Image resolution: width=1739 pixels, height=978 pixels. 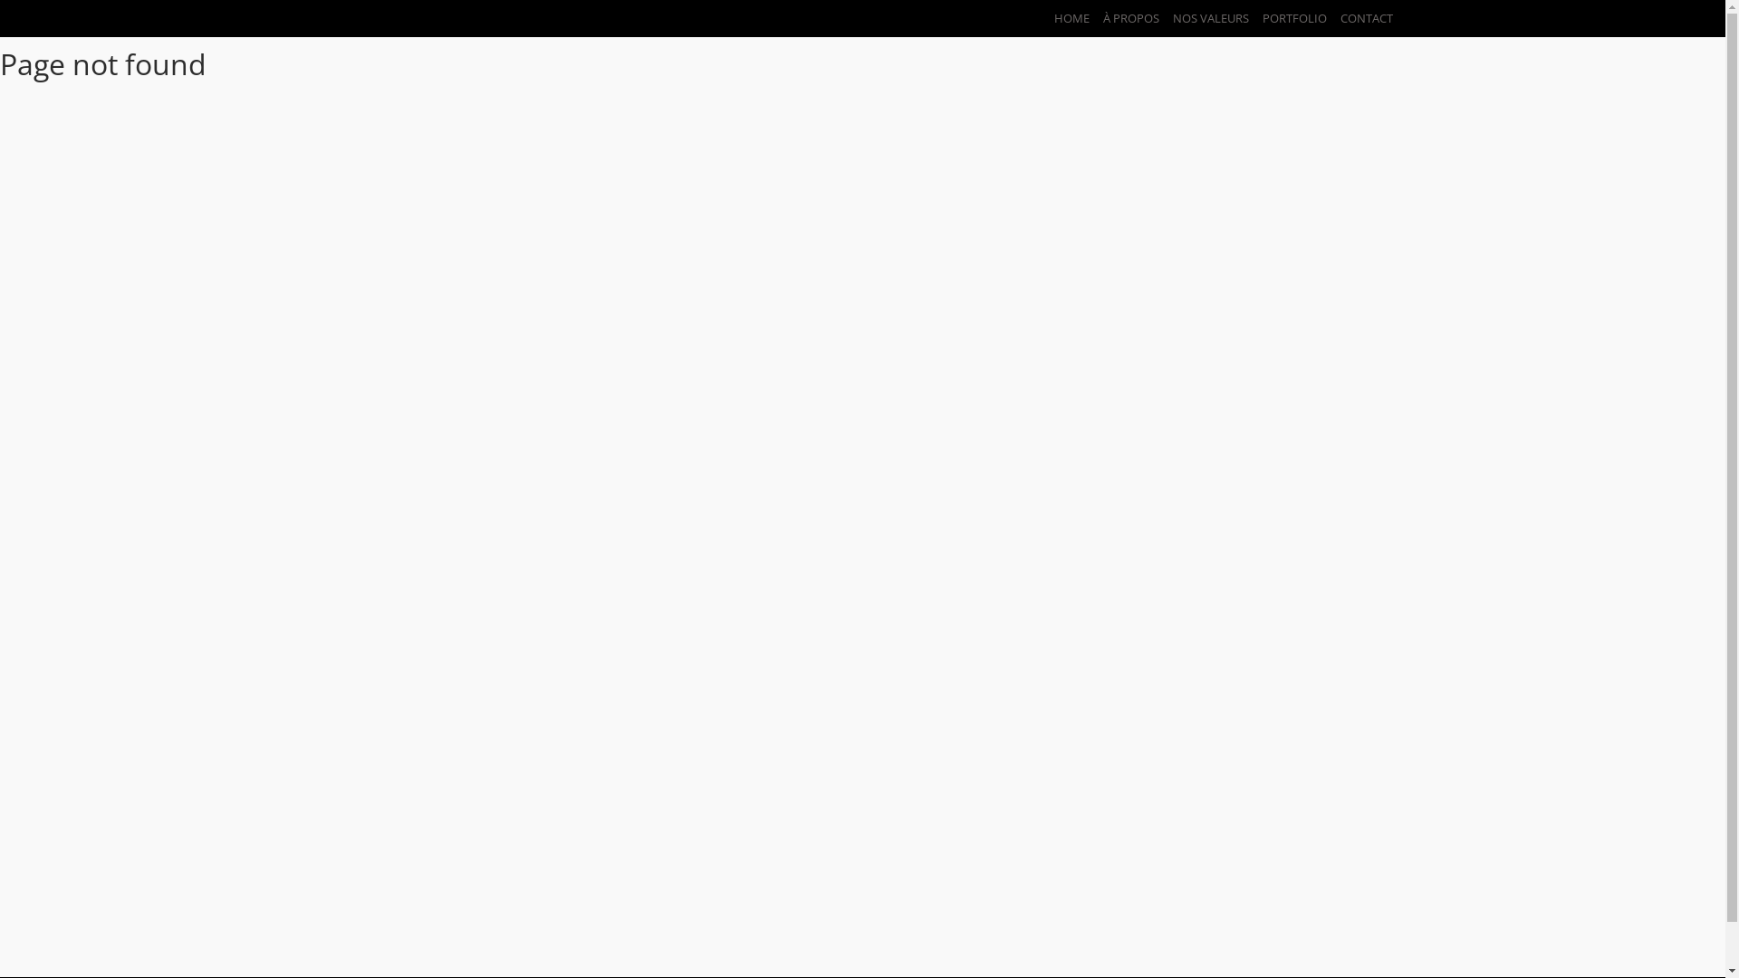 I want to click on 'CONTACT', so click(x=1359, y=17).